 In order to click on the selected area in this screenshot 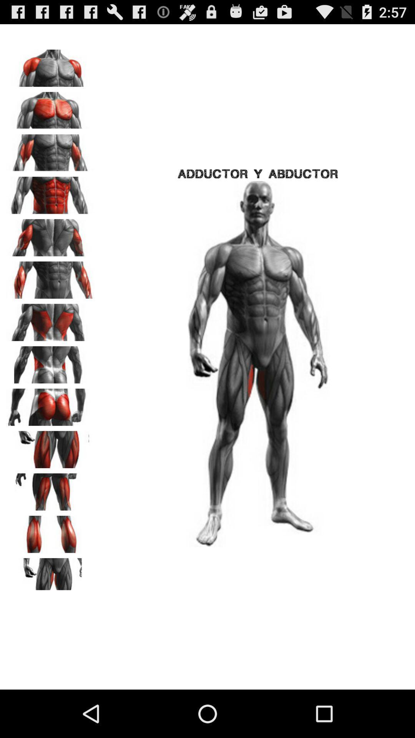, I will do `click(50, 320)`.